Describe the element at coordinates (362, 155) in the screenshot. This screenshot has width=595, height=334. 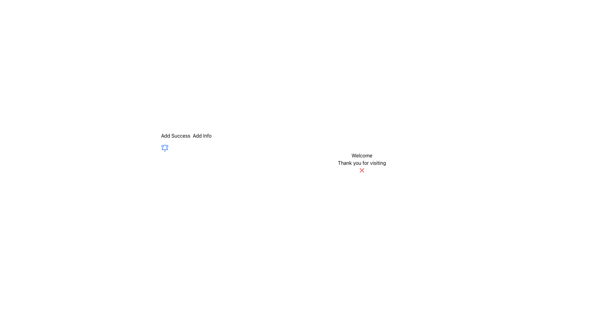
I see `greeting text positioned at the top of the two-line text block, which introduces the content of the interface` at that location.